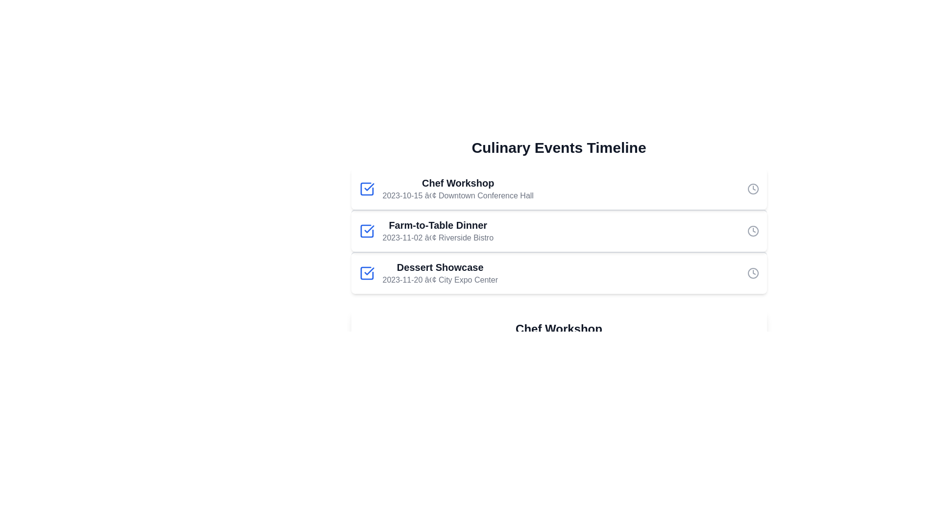  What do you see at coordinates (439, 273) in the screenshot?
I see `the third event entry in the timeline, which displays the event title and date, to interact with its associated details` at bounding box center [439, 273].